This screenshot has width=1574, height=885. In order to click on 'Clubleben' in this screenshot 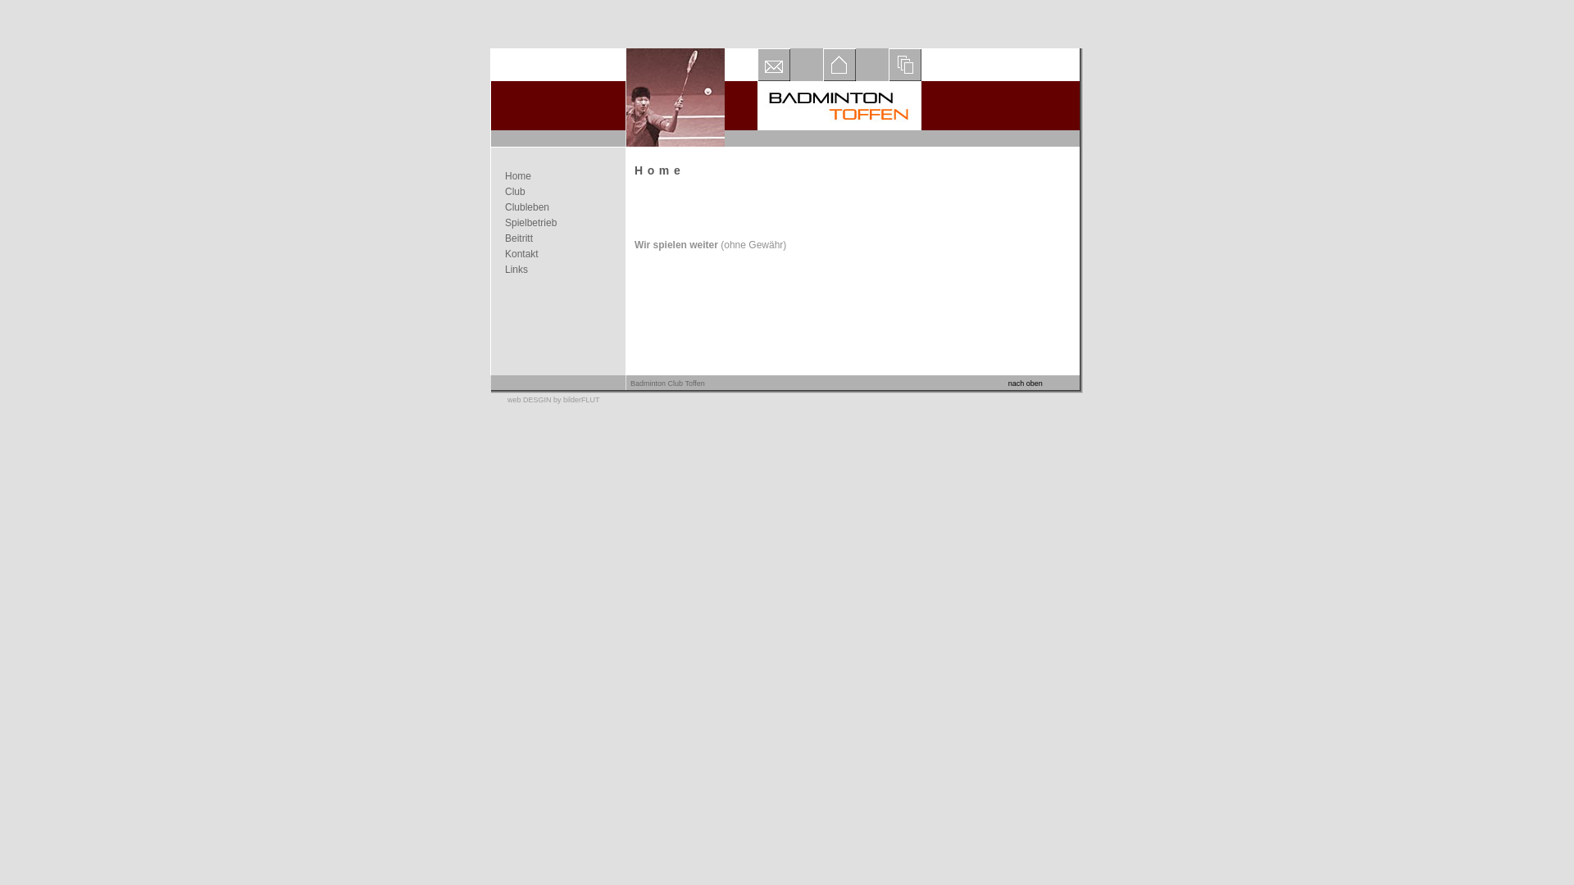, I will do `click(558, 206)`.